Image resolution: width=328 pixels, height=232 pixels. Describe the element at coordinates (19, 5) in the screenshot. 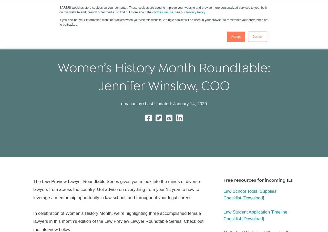

I see `'Visit BARBRI.com'` at that location.